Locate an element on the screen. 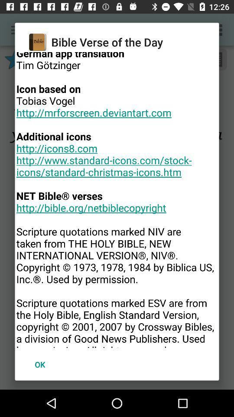 This screenshot has height=417, width=234. the ok item is located at coordinates (39, 364).